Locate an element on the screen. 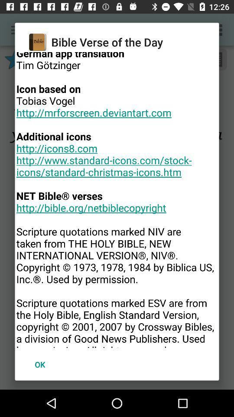 This screenshot has height=417, width=234. the ok item is located at coordinates (39, 364).